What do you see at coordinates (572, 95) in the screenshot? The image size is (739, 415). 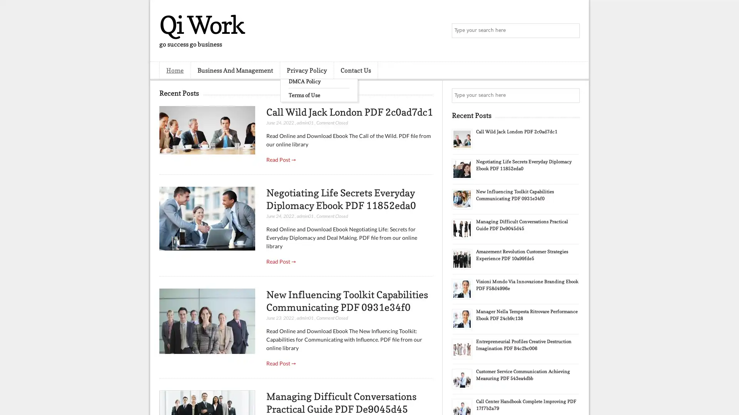 I see `Search` at bounding box center [572, 95].